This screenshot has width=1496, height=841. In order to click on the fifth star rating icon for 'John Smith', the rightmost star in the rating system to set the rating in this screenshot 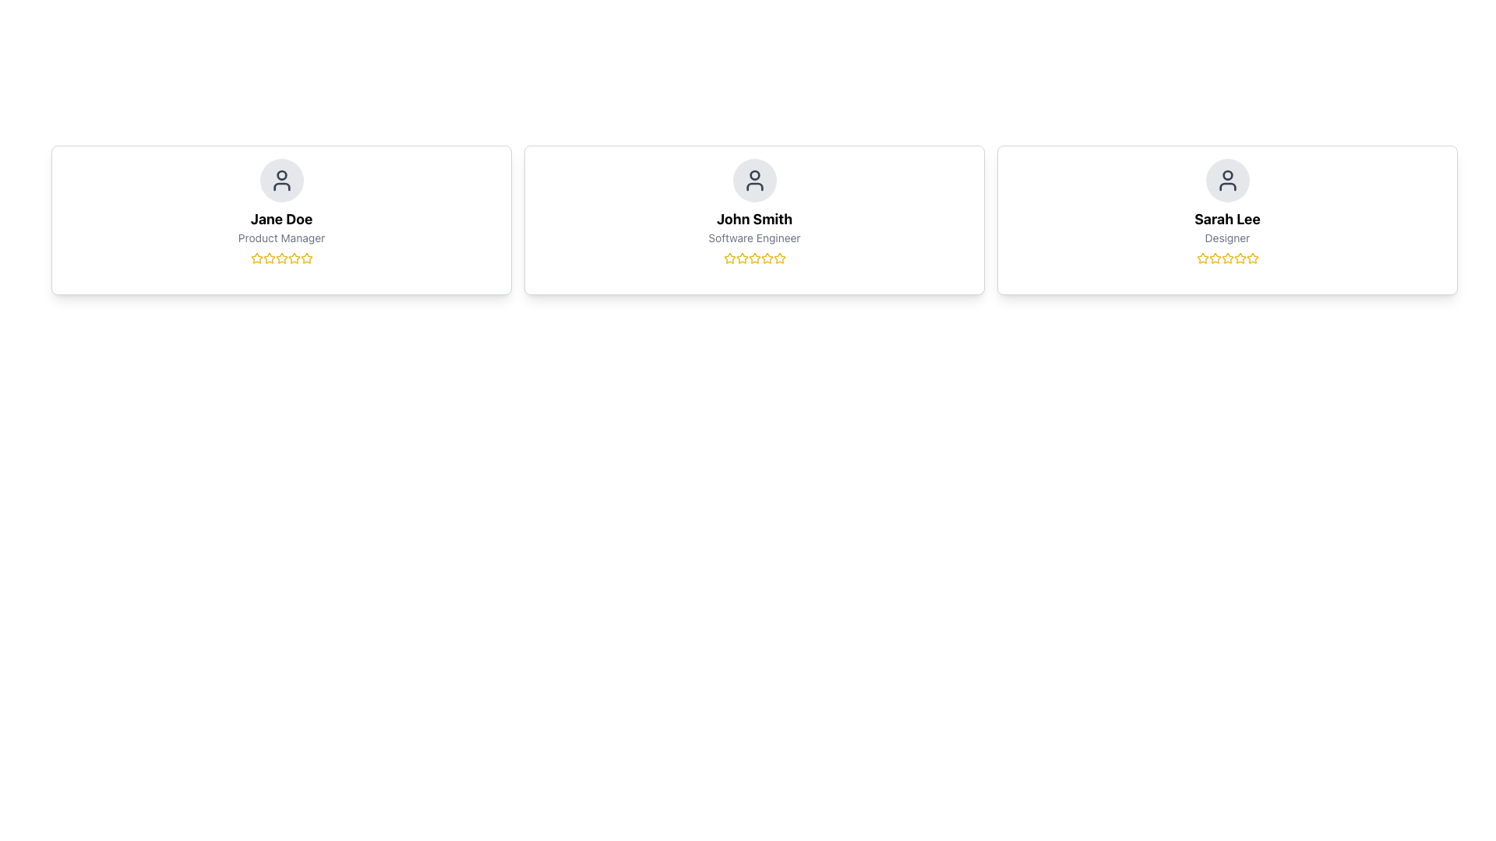, I will do `click(779, 257)`.